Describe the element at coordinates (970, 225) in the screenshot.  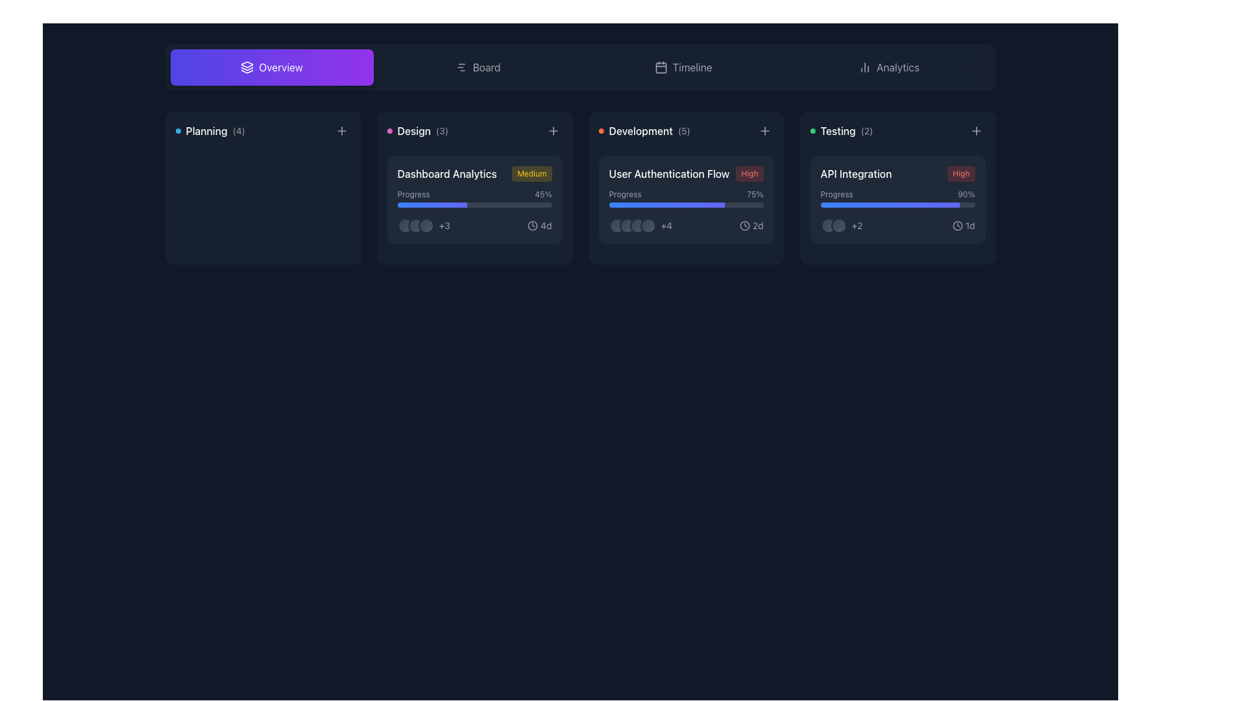
I see `the static text displaying '1d' in light gray color located in the bottom-right corner of the 'API Integration' card in the 'Testing' column, next to the clock icon` at that location.